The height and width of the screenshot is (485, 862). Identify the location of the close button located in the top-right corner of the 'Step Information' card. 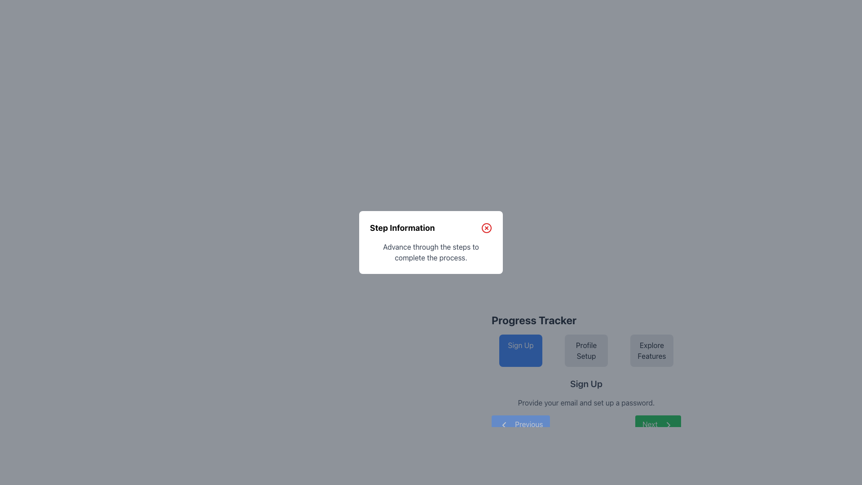
(486, 228).